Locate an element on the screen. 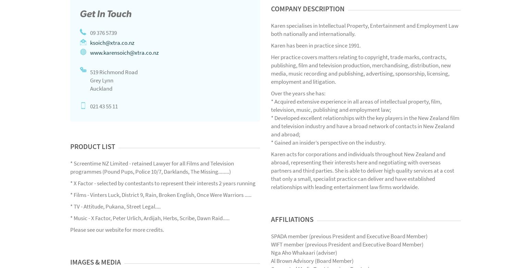 The image size is (531, 268). 'SPADA member  (previous President and Executive Board Member)' is located at coordinates (349, 236).